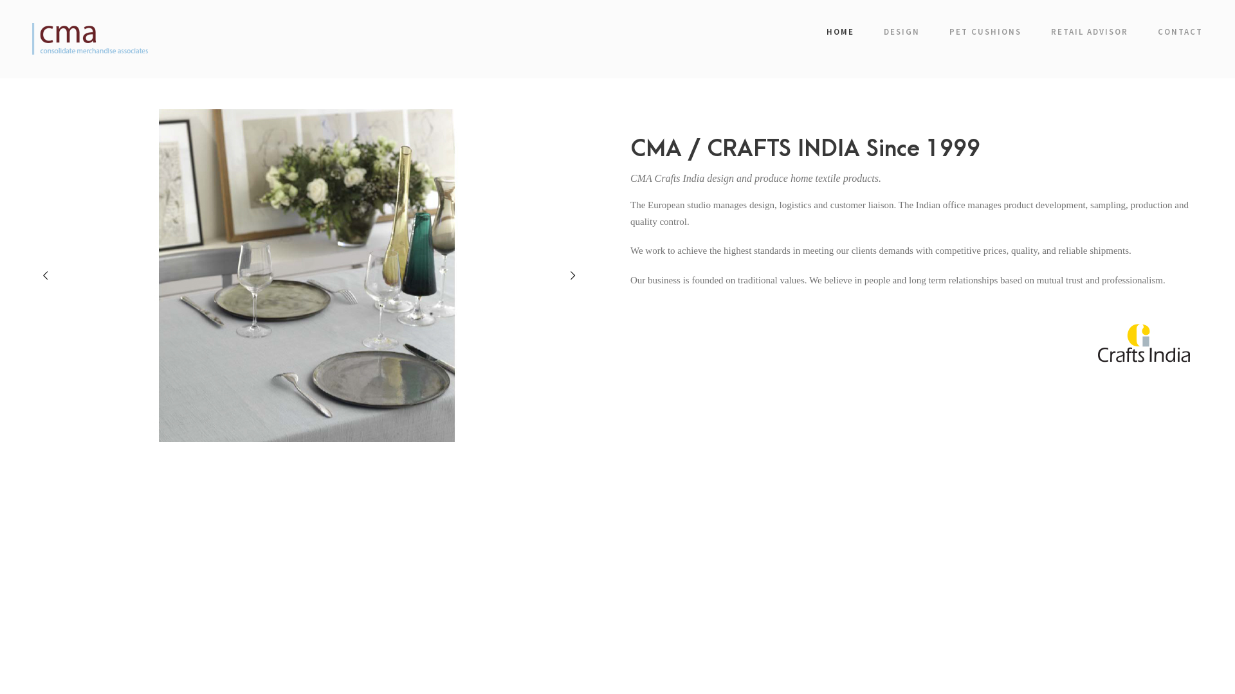 The width and height of the screenshot is (1235, 694). Describe the element at coordinates (1180, 34) in the screenshot. I see `'CONTACT'` at that location.